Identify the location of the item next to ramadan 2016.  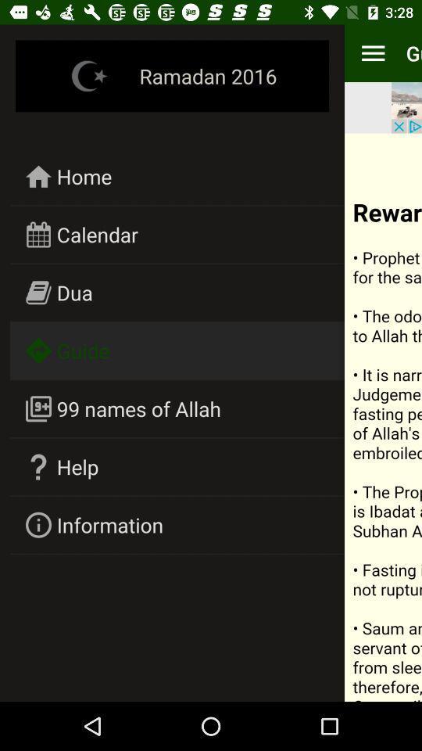
(372, 53).